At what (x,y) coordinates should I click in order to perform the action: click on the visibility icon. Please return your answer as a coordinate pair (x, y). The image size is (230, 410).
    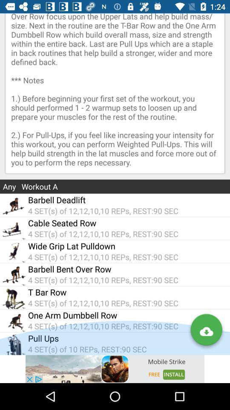
    Looking at the image, I should click on (206, 331).